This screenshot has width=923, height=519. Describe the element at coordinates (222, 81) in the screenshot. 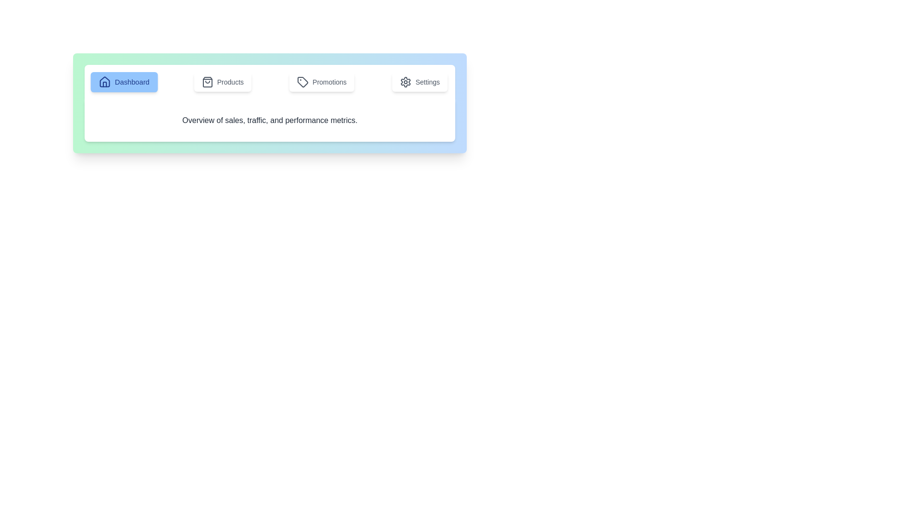

I see `the tab labeled Products` at that location.